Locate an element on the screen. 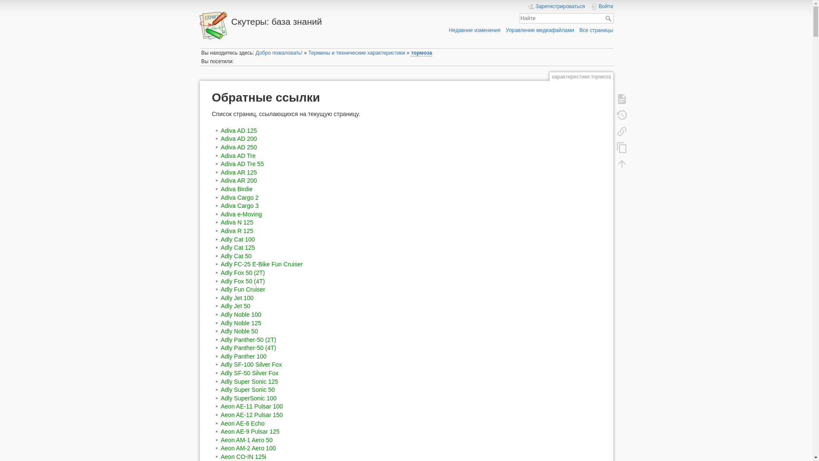  'Adly Panther-50 (2T)' is located at coordinates (248, 339).